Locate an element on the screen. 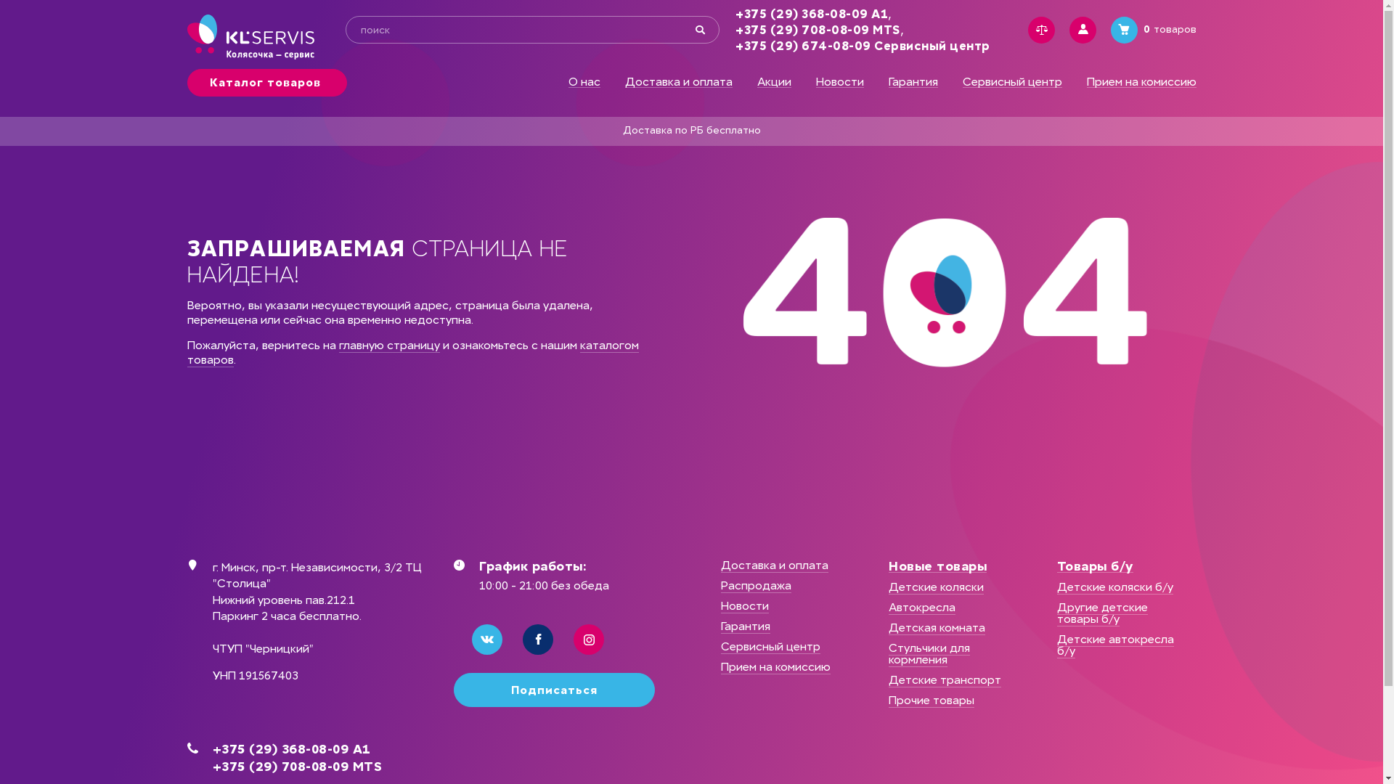  '+375 (29) 708-08-09 MTS' is located at coordinates (317, 766).